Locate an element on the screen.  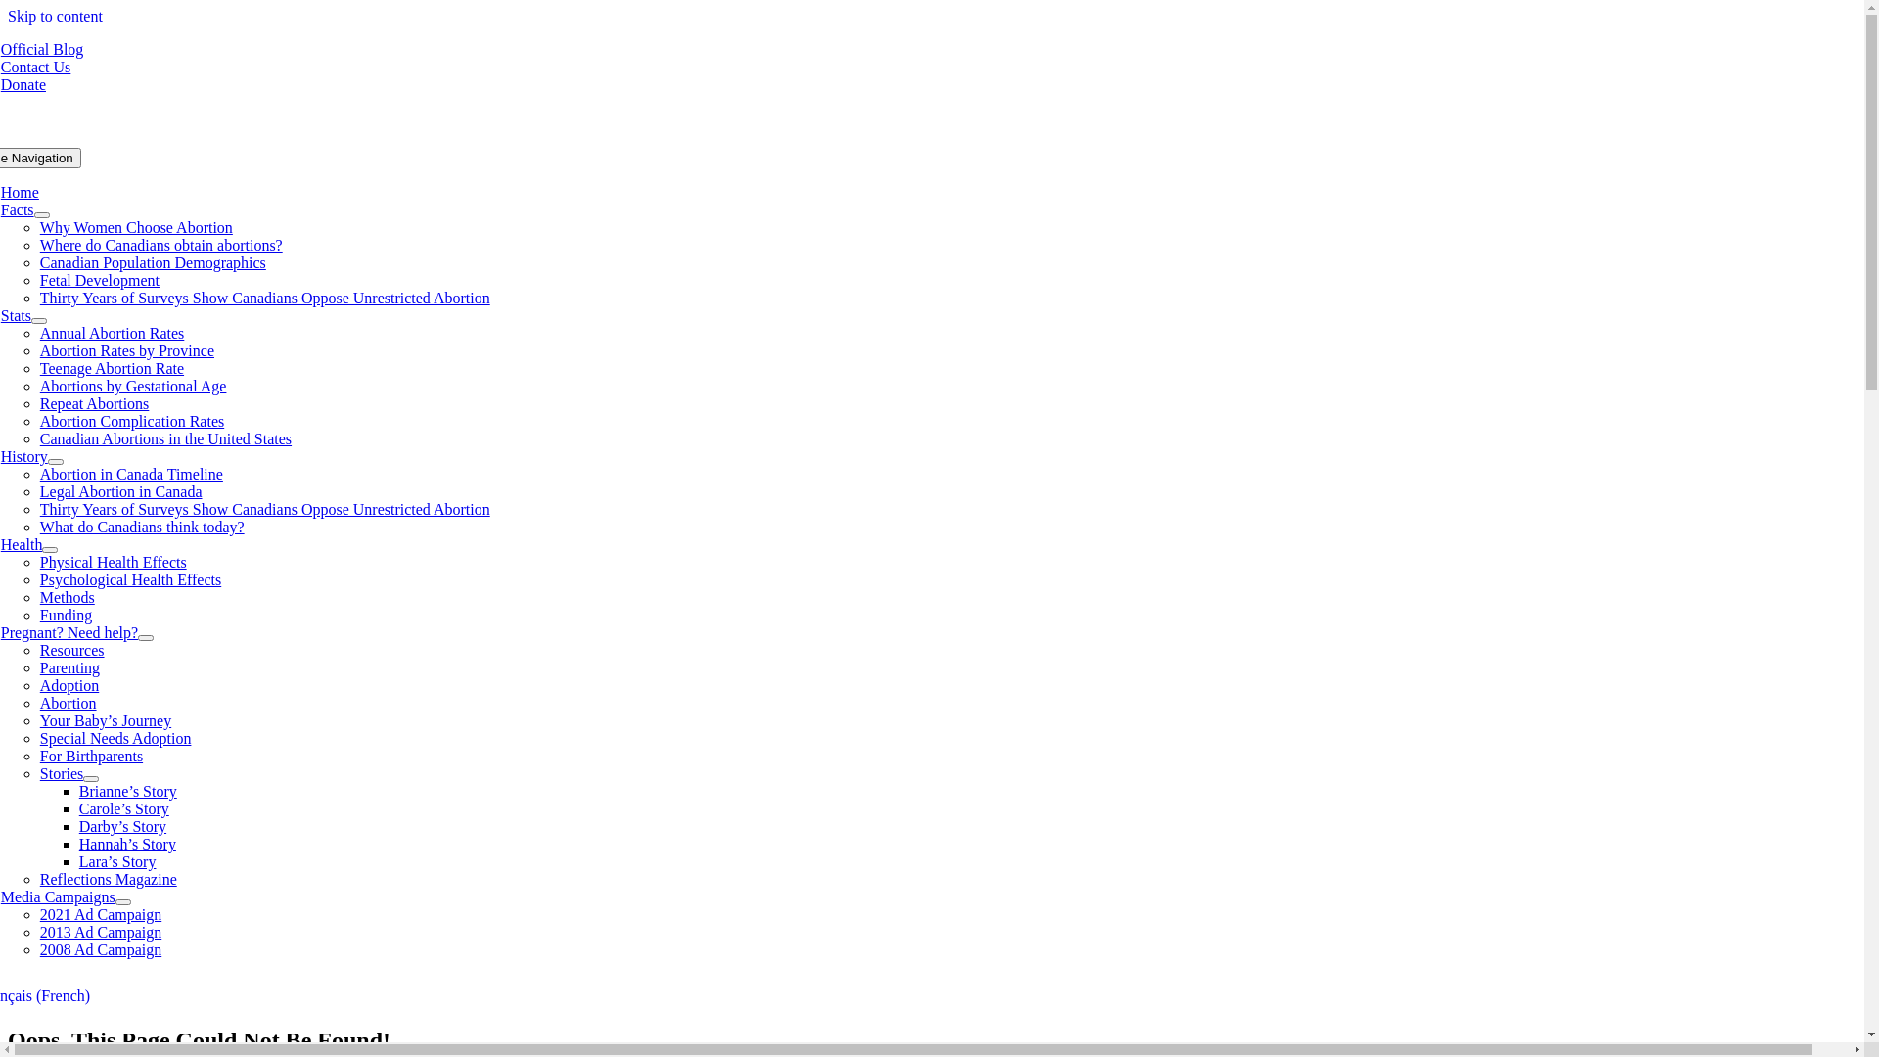
'Psychological Health Effects' is located at coordinates (129, 578).